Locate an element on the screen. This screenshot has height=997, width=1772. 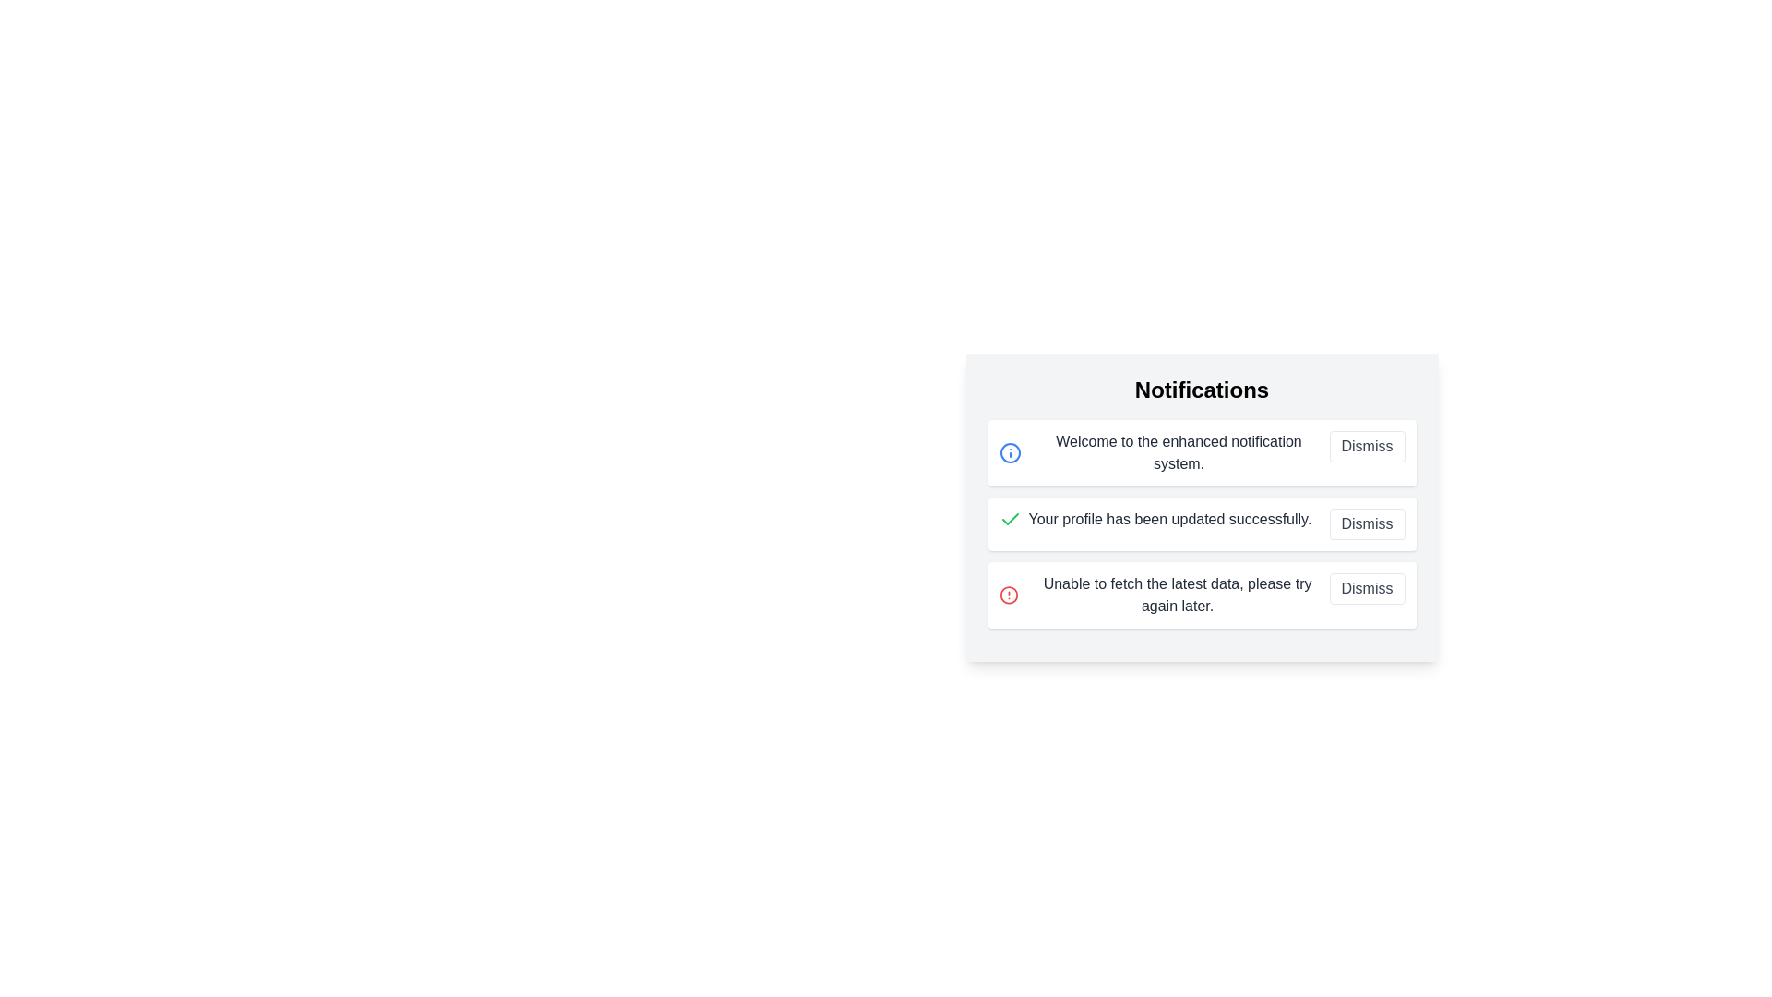
the green checkmark icon that indicates a successful action, located to the left of the text 'Your profile has been updated successfully' in the notification message is located at coordinates (1009, 520).